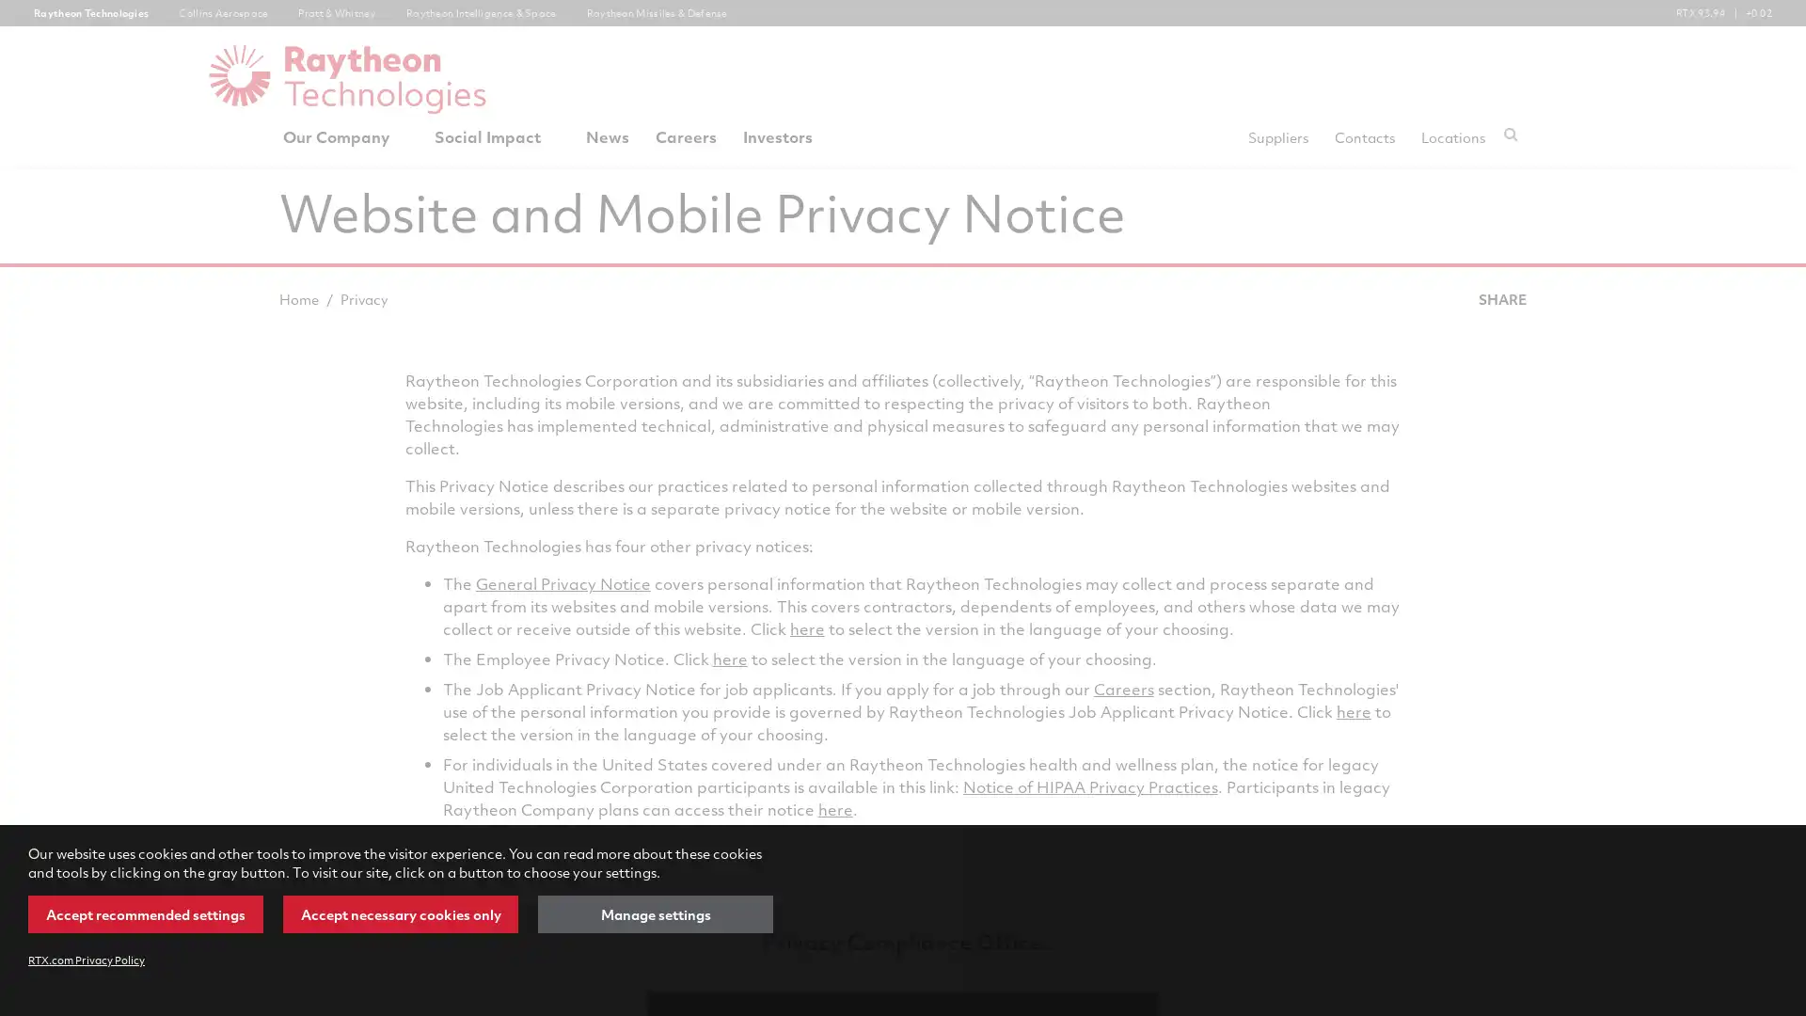 This screenshot has height=1016, width=1806. Describe the element at coordinates (1500, 297) in the screenshot. I see `SHARE` at that location.